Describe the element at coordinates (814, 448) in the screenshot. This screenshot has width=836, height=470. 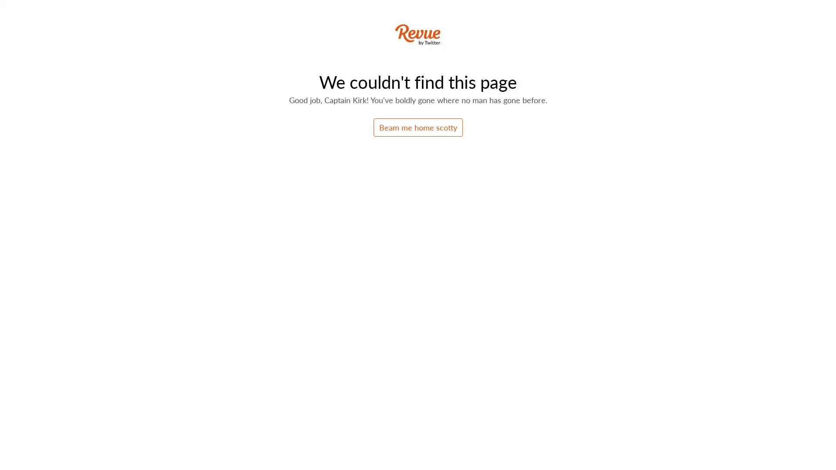
I see `Open Intercom Messenger` at that location.